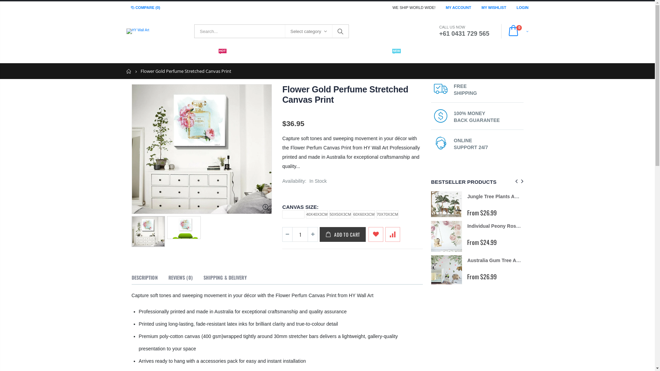  Describe the element at coordinates (522, 7) in the screenshot. I see `'LOGIN'` at that location.